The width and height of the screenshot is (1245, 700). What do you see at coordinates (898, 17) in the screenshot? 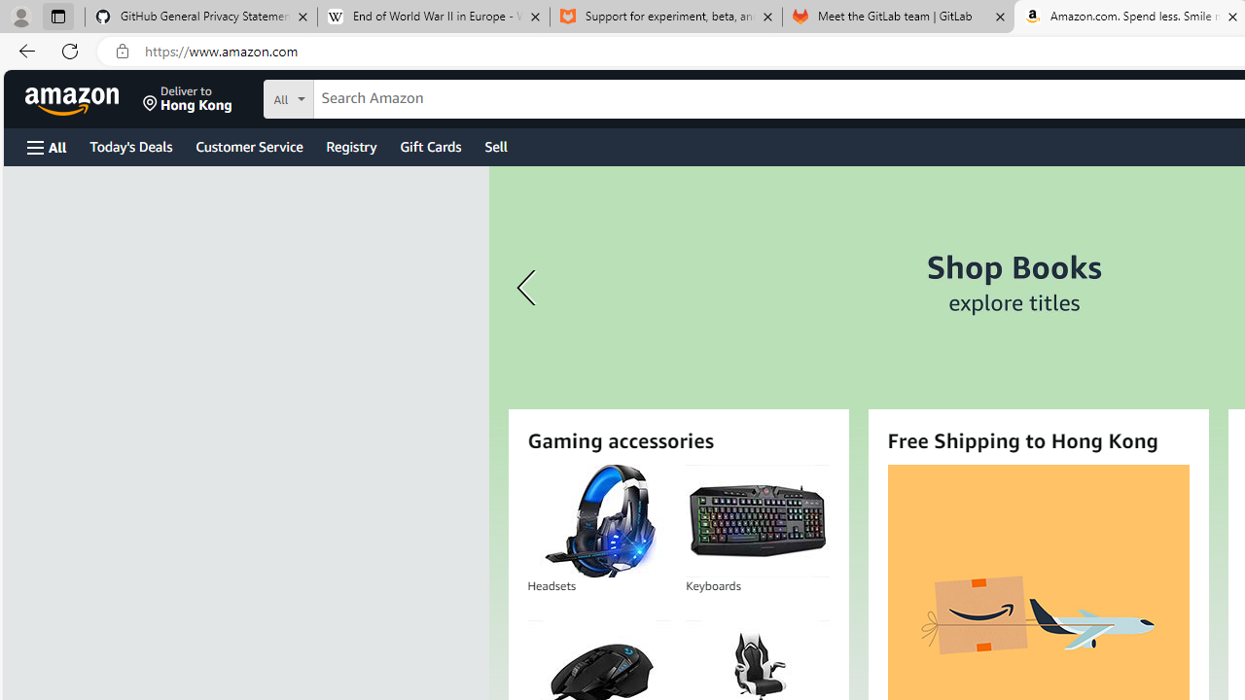
I see `'Meet the GitLab team | GitLab'` at bounding box center [898, 17].